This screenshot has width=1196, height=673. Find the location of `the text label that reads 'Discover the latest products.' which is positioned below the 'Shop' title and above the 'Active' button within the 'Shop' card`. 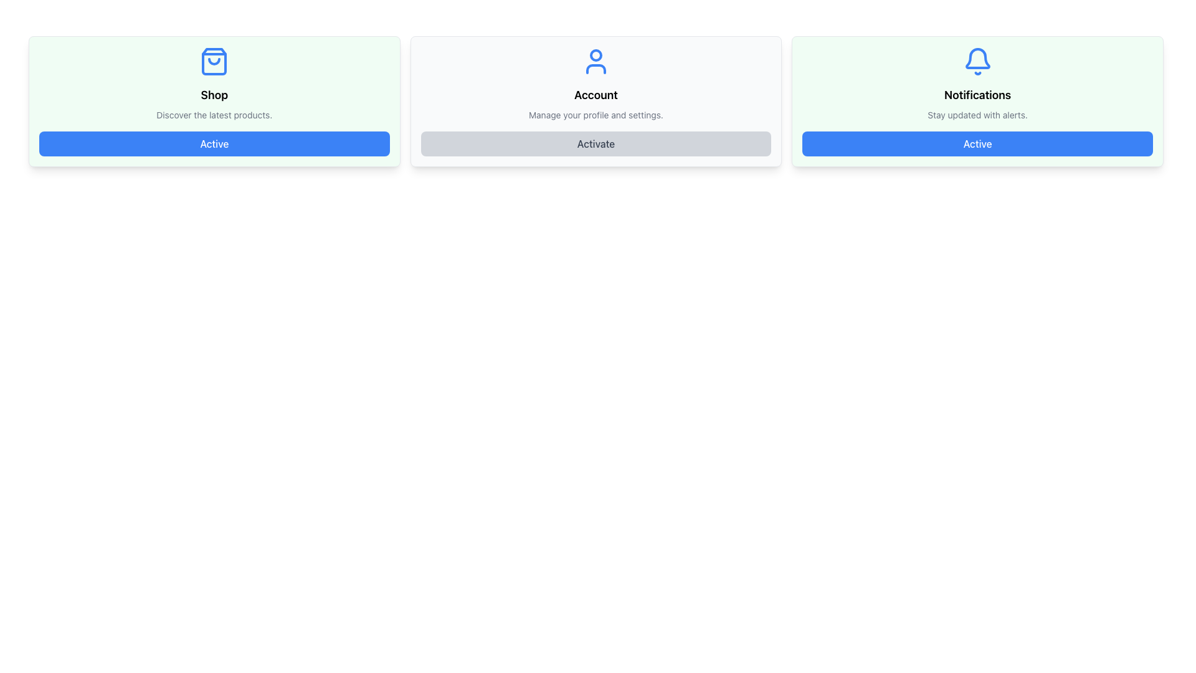

the text label that reads 'Discover the latest products.' which is positioned below the 'Shop' title and above the 'Active' button within the 'Shop' card is located at coordinates (214, 115).